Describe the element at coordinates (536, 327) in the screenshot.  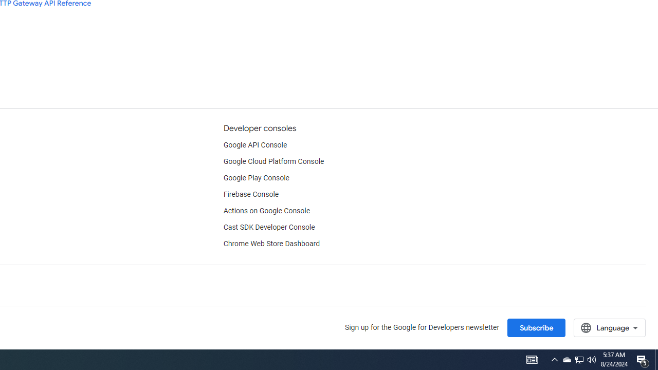
I see `'Subscribe'` at that location.